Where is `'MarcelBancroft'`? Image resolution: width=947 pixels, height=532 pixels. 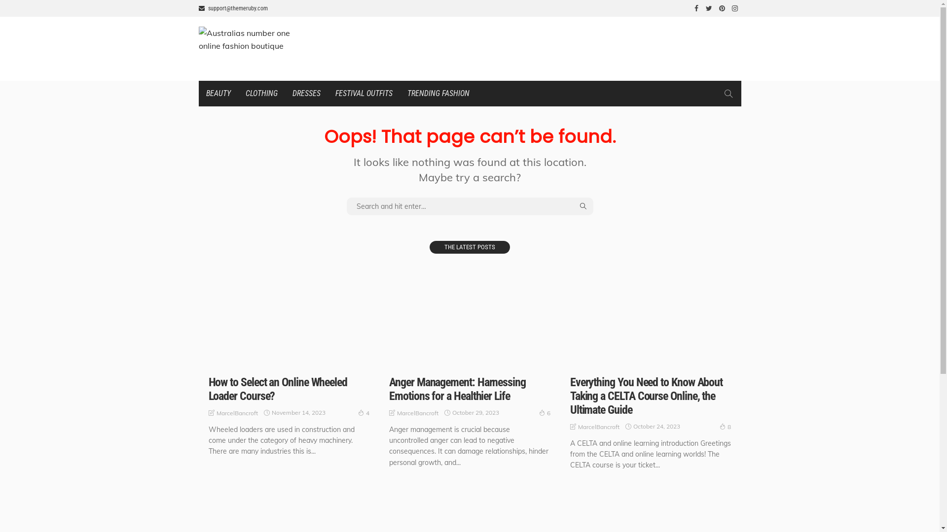
'MarcelBancroft' is located at coordinates (237, 413).